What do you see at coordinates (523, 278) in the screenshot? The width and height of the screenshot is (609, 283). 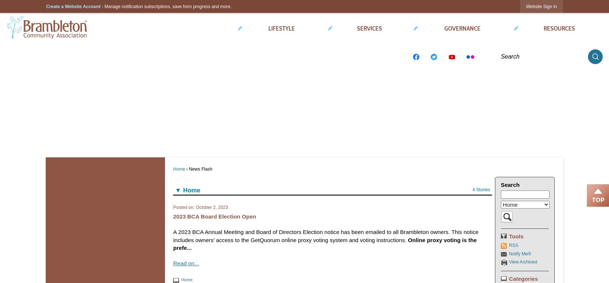 I see `'Categories'` at bounding box center [523, 278].